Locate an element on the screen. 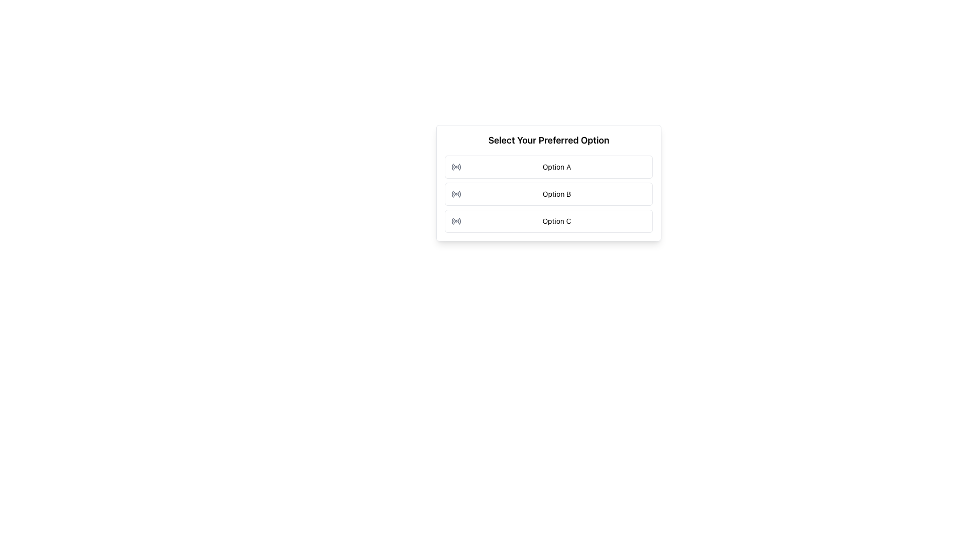 The image size is (965, 542). the third button in a vertically stacked list is located at coordinates (548, 220).